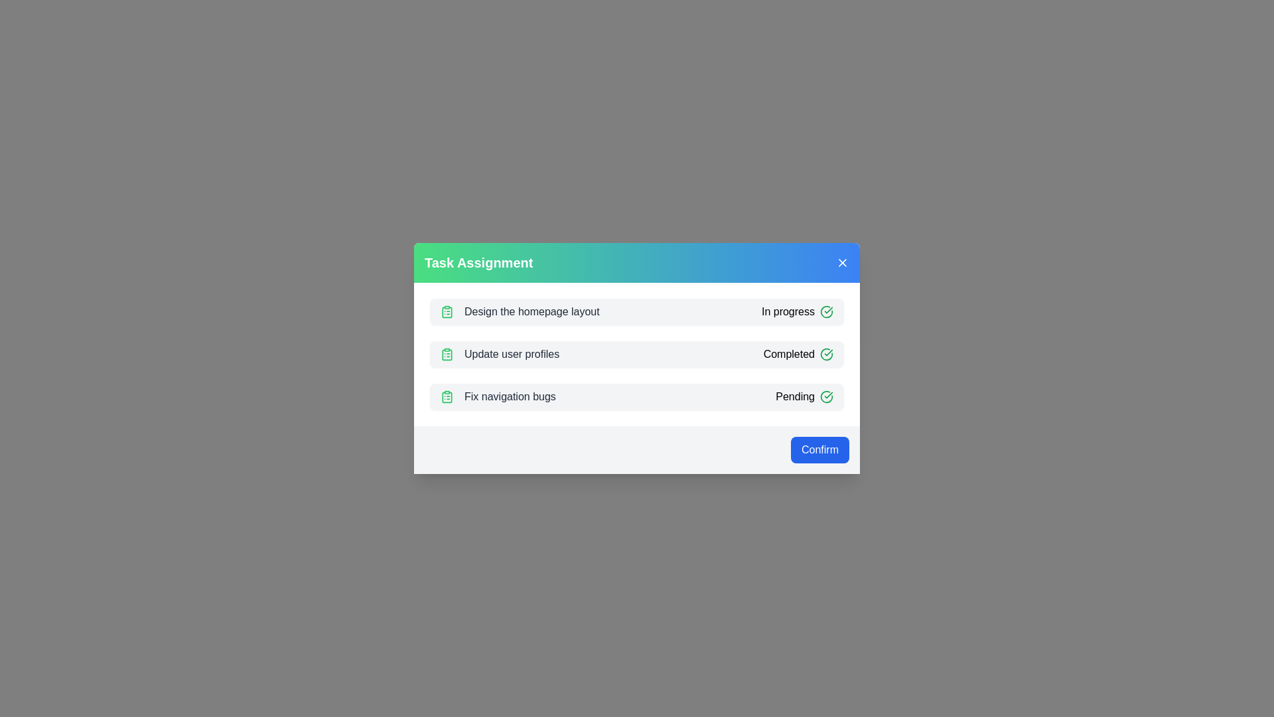 This screenshot has width=1274, height=717. I want to click on text label stating 'Design the homepage layout' located under the 'Task Assignment' header, which is styled in dark gray and is positioned in the first row of the list, so click(531, 312).